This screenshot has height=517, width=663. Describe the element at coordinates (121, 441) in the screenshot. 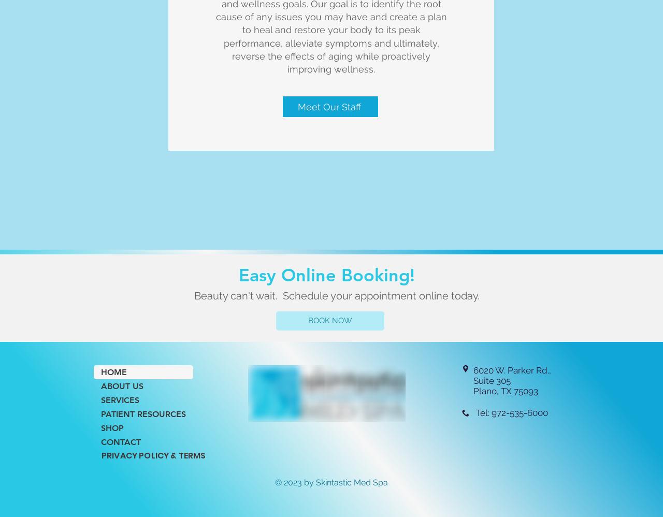

I see `'CONTACT'` at that location.